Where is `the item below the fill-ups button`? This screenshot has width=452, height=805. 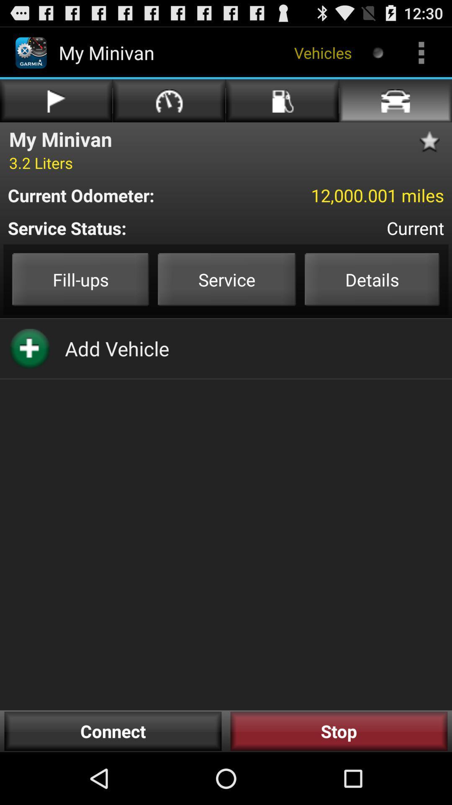 the item below the fill-ups button is located at coordinates (117, 348).